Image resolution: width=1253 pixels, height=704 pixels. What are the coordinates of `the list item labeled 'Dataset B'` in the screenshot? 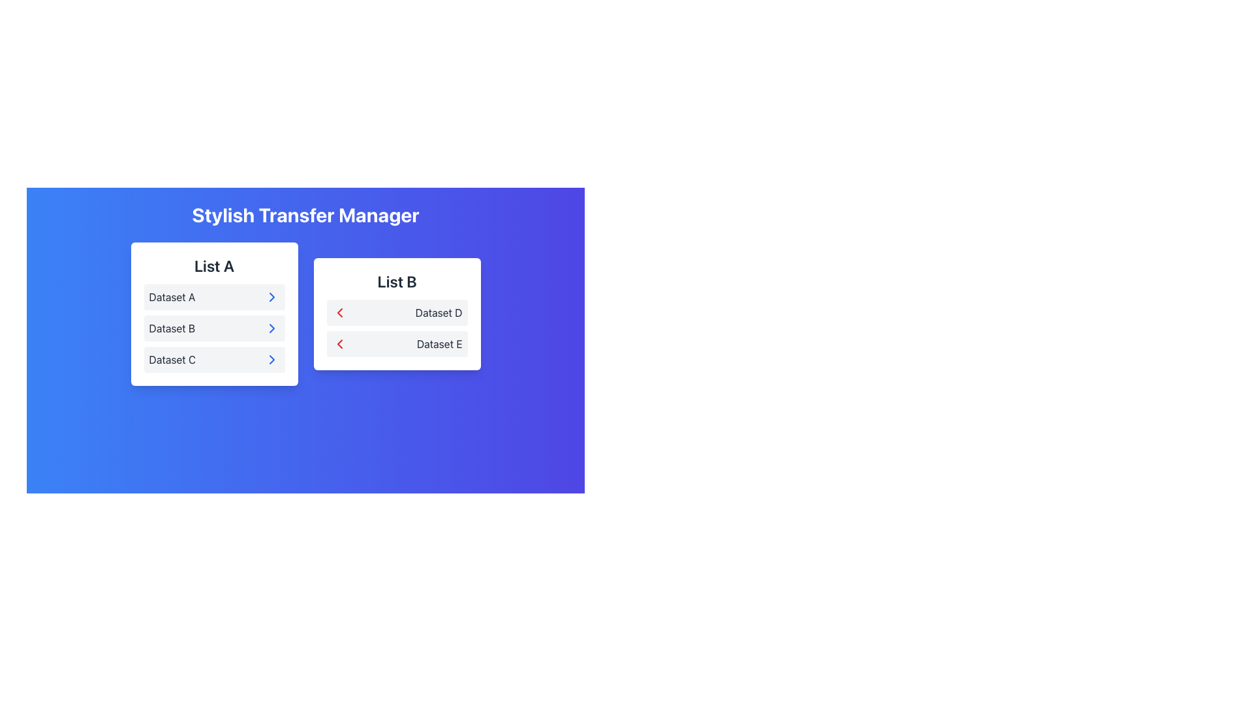 It's located at (214, 328).